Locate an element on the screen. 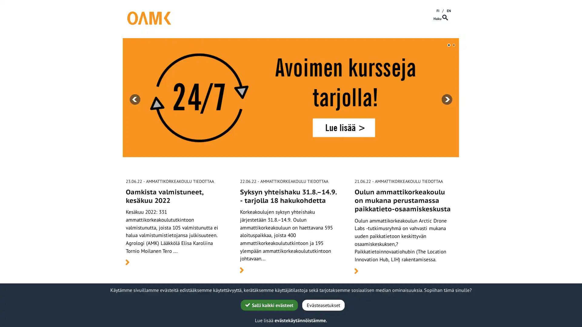 This screenshot has height=327, width=582. Evasteasetukset is located at coordinates (323, 305).